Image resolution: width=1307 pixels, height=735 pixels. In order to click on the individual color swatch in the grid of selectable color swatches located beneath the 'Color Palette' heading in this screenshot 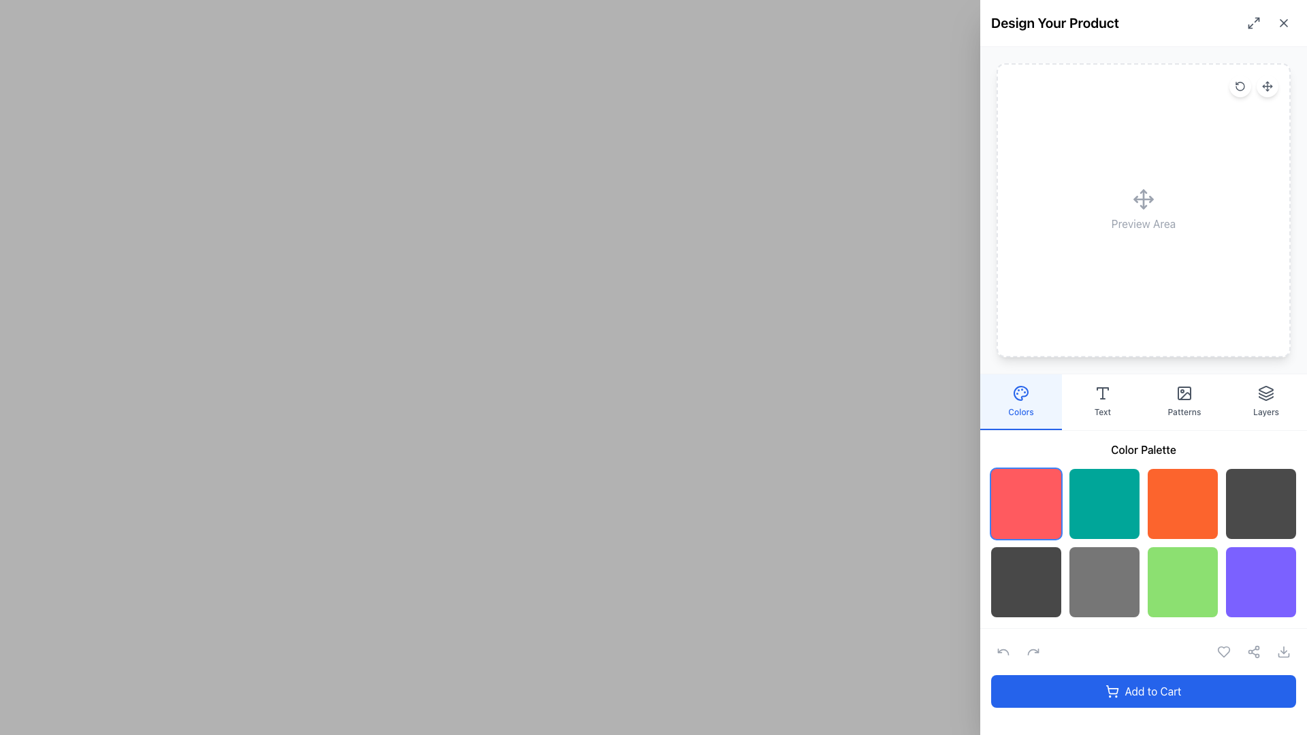, I will do `click(1144, 542)`.